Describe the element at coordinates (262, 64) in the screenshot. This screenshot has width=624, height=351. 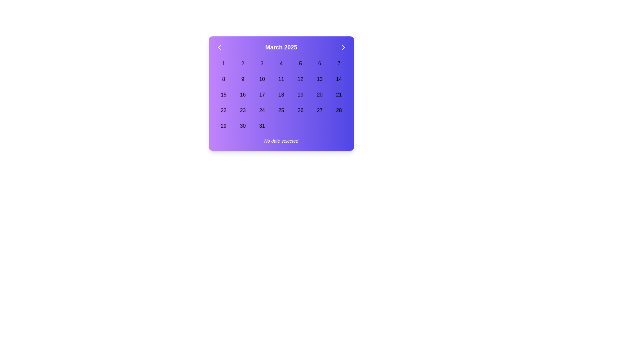
I see `the circular button labeled '3'` at that location.